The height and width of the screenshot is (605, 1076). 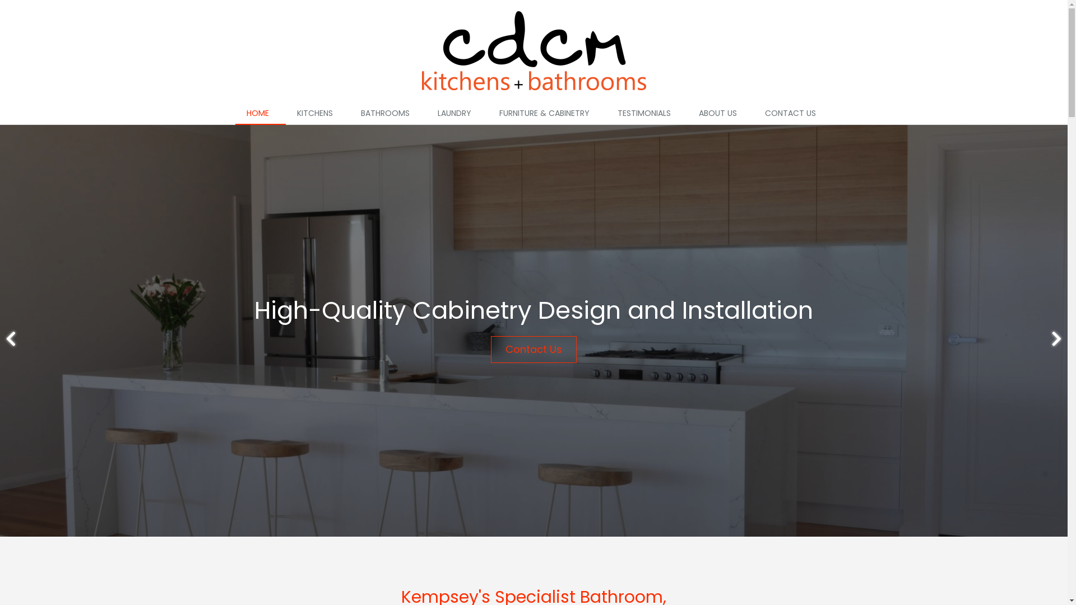 I want to click on 'Contact Us', so click(x=533, y=349).